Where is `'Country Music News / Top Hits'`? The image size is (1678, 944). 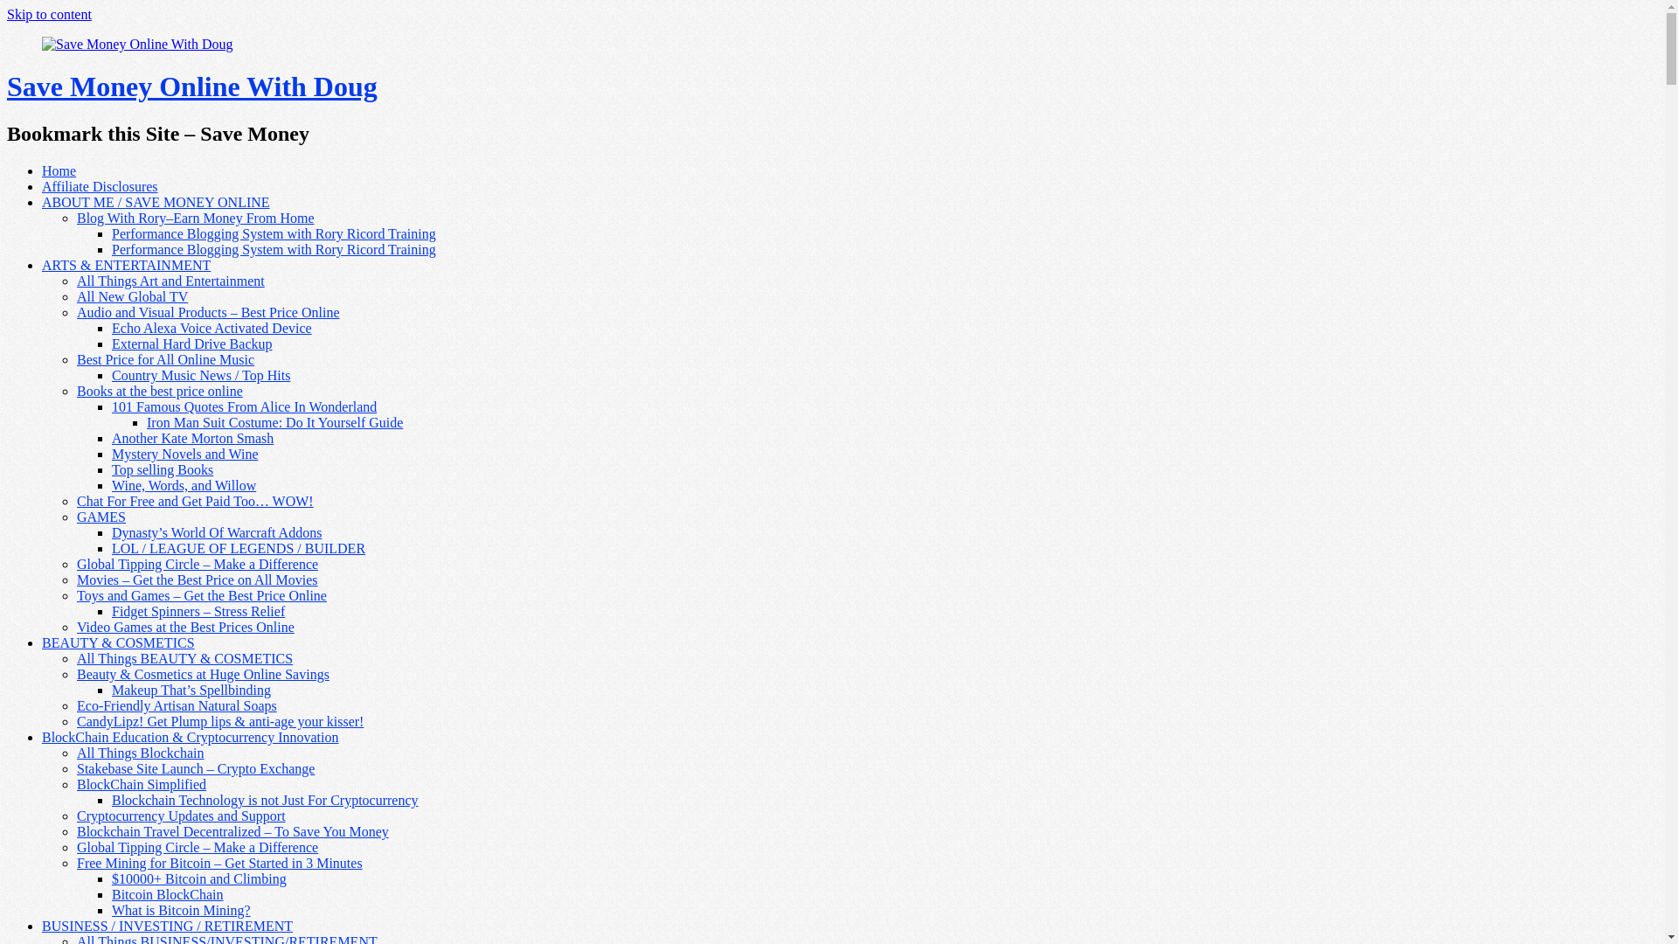 'Country Music News / Top Hits' is located at coordinates (111, 374).